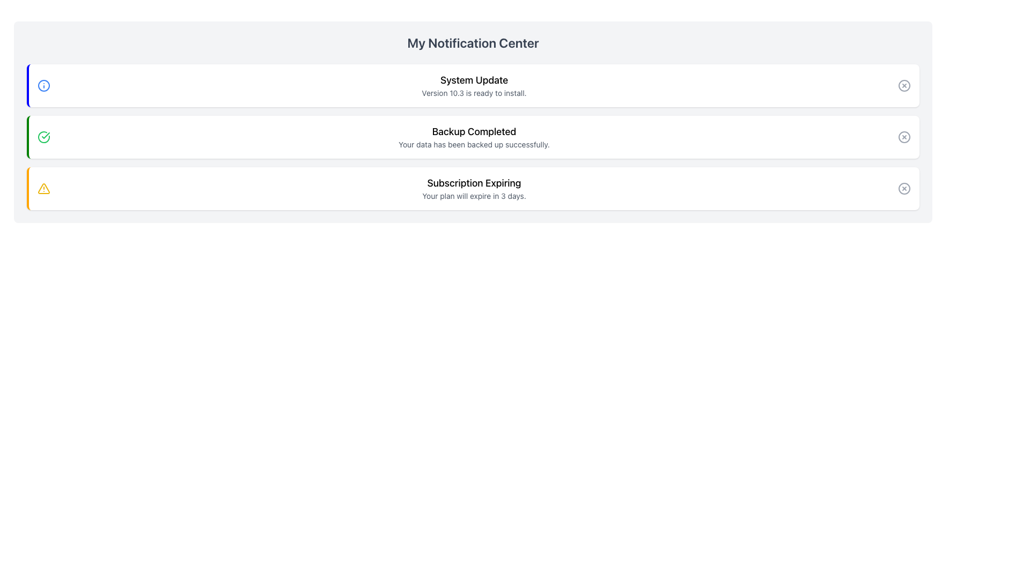 Image resolution: width=1030 pixels, height=579 pixels. I want to click on the small triangular warning icon with a yellow border that is the leftmost icon within the last notification entry labeled 'Subscription Expiring', so click(43, 188).